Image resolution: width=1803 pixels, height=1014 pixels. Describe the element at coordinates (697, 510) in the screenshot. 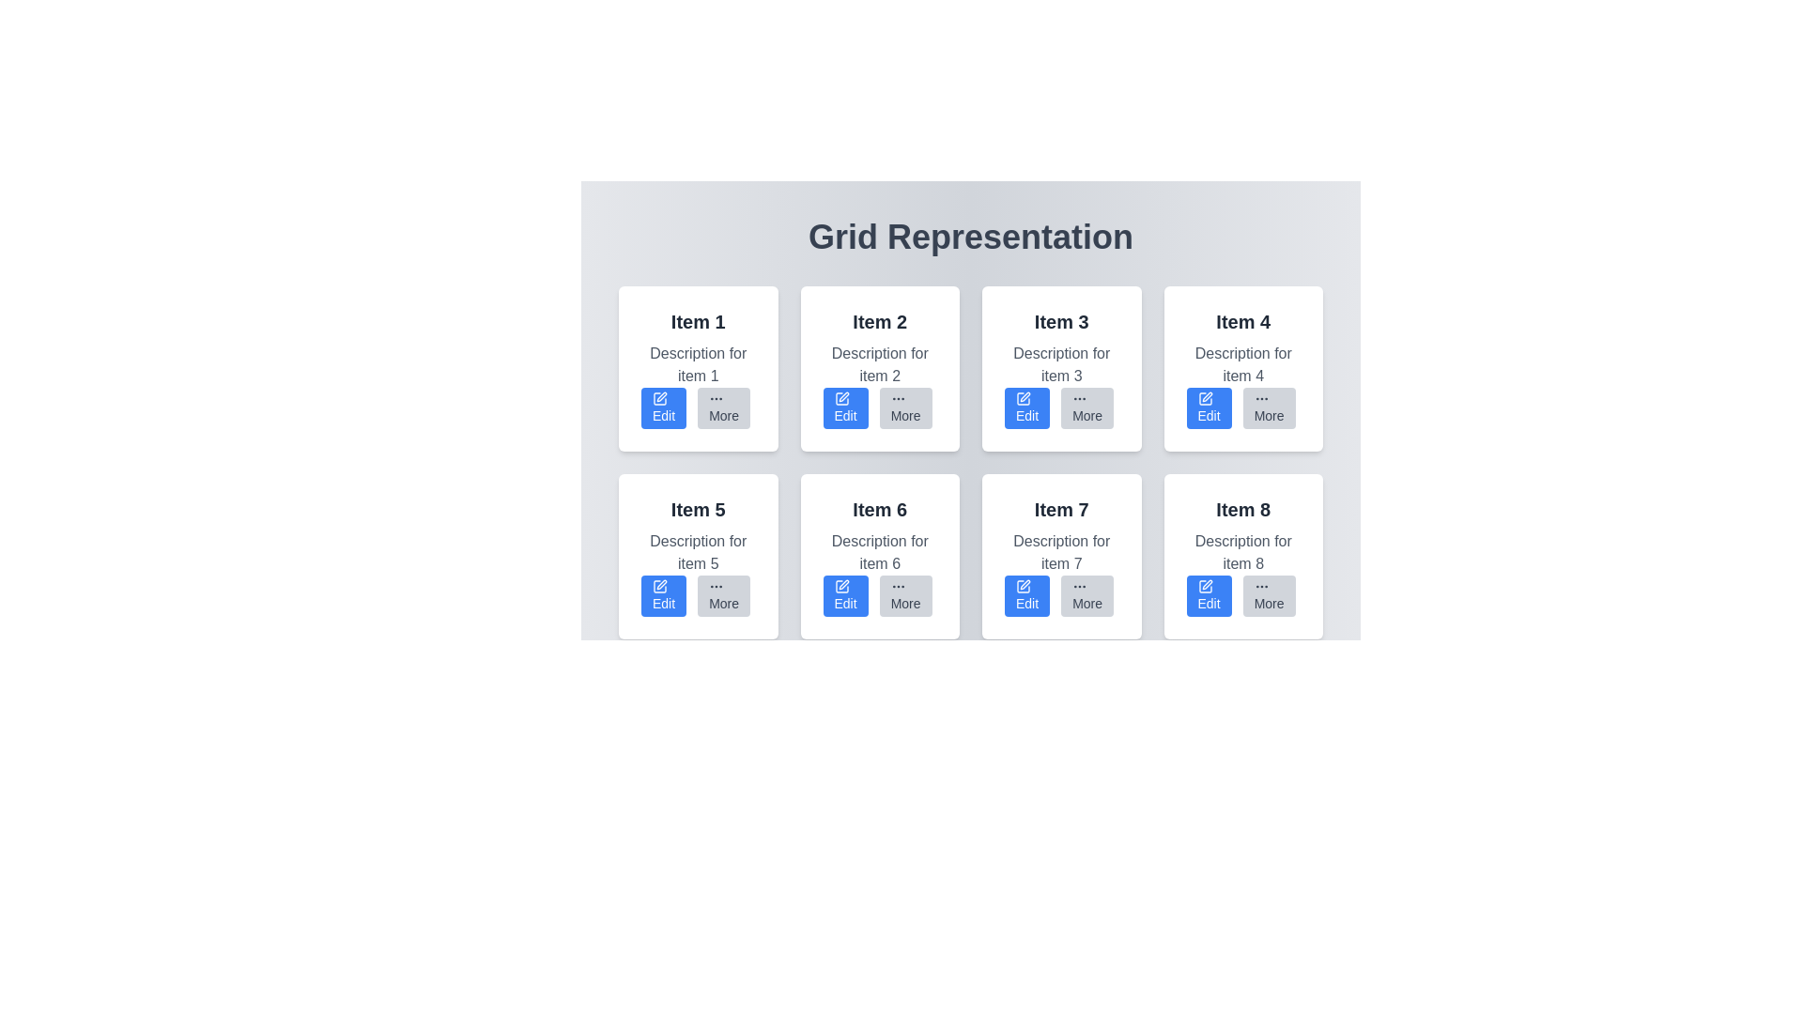

I see `the title text element located at the top of the fifth card in a grid layout, which provides context for the associated description and actions` at that location.